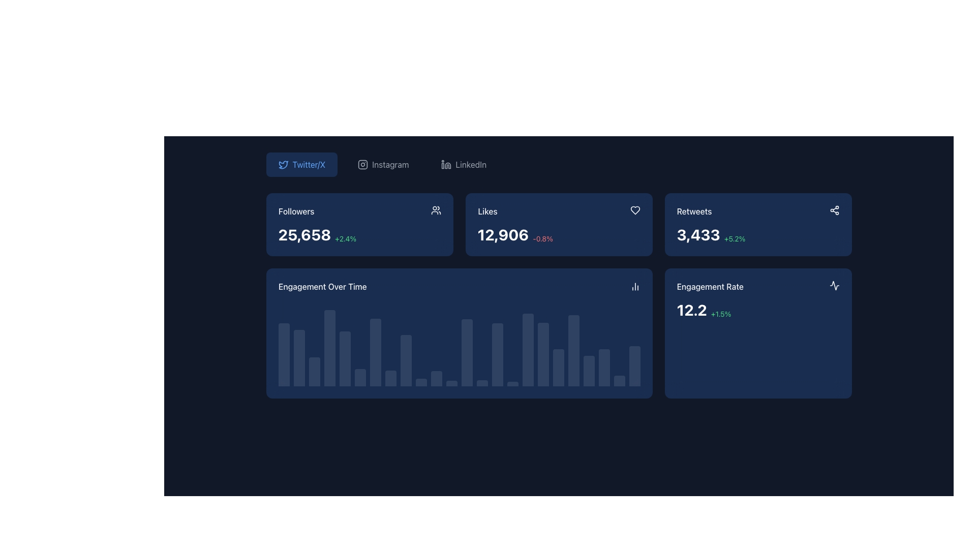 This screenshot has width=976, height=549. Describe the element at coordinates (634, 209) in the screenshot. I see `the heart-shaped icon representing the 'like' action located at the top-right corner of the 'Likes' section` at that location.